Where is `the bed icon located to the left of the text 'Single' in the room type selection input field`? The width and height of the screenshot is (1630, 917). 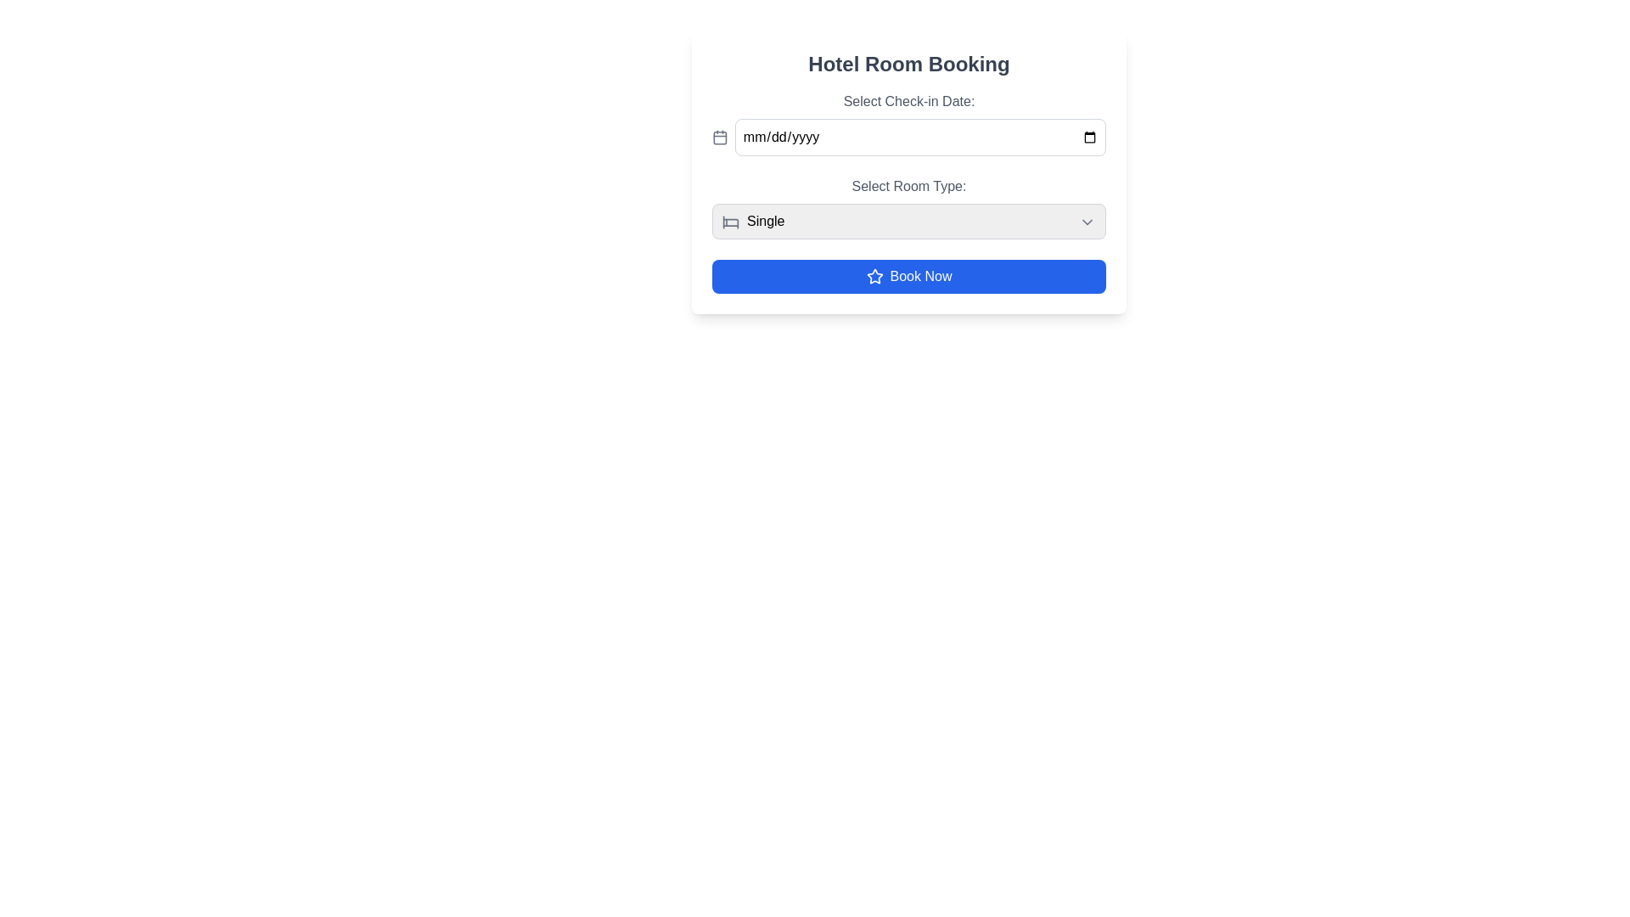
the bed icon located to the left of the text 'Single' in the room type selection input field is located at coordinates (730, 222).